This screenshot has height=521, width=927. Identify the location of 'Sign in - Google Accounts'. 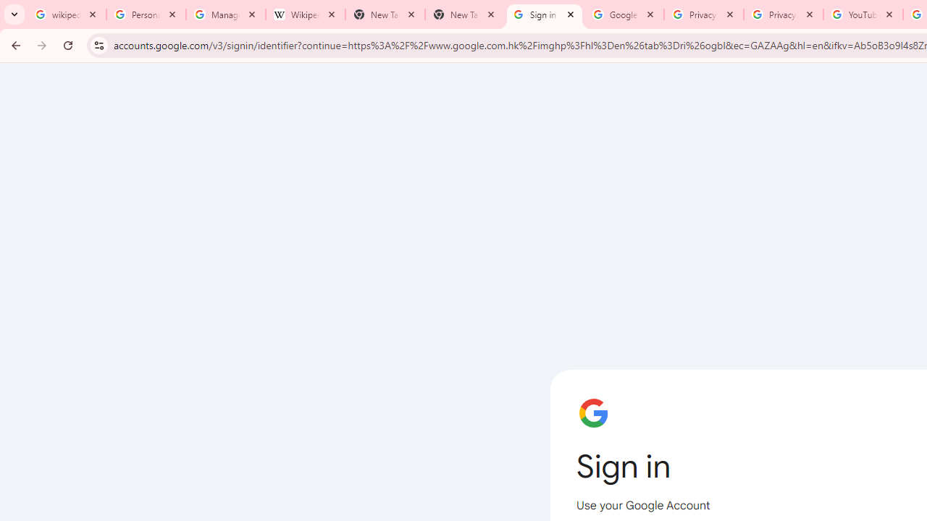
(544, 14).